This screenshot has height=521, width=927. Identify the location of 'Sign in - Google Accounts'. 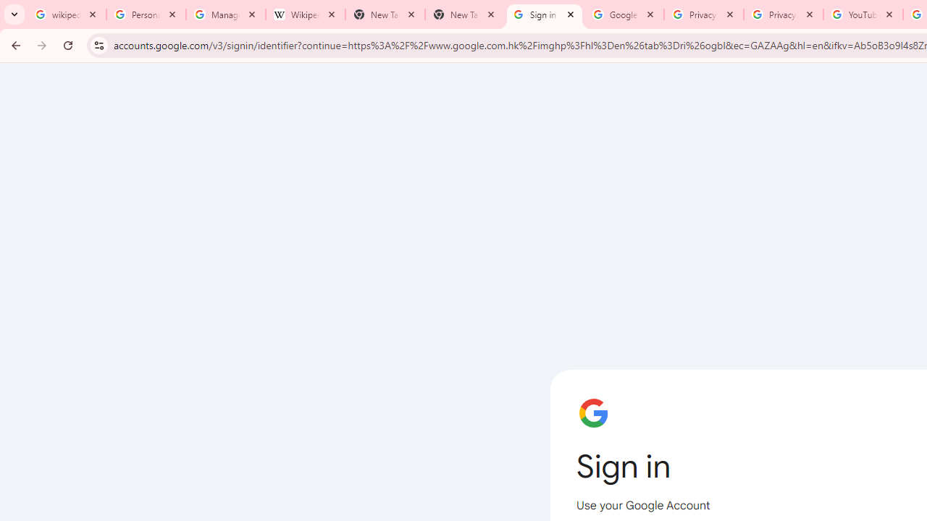
(544, 14).